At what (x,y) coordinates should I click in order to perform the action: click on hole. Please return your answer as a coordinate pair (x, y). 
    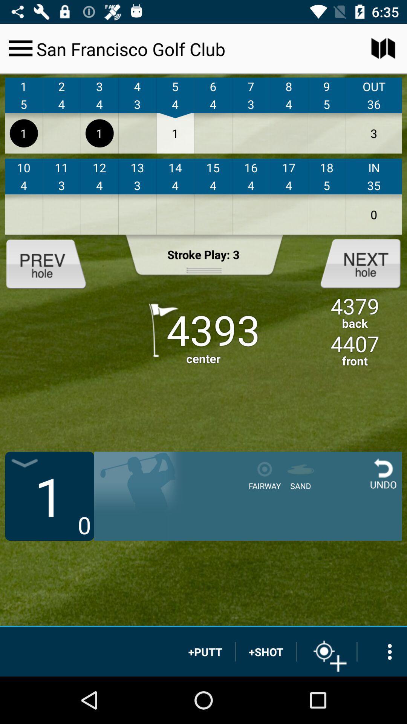
    Looking at the image, I should click on (354, 263).